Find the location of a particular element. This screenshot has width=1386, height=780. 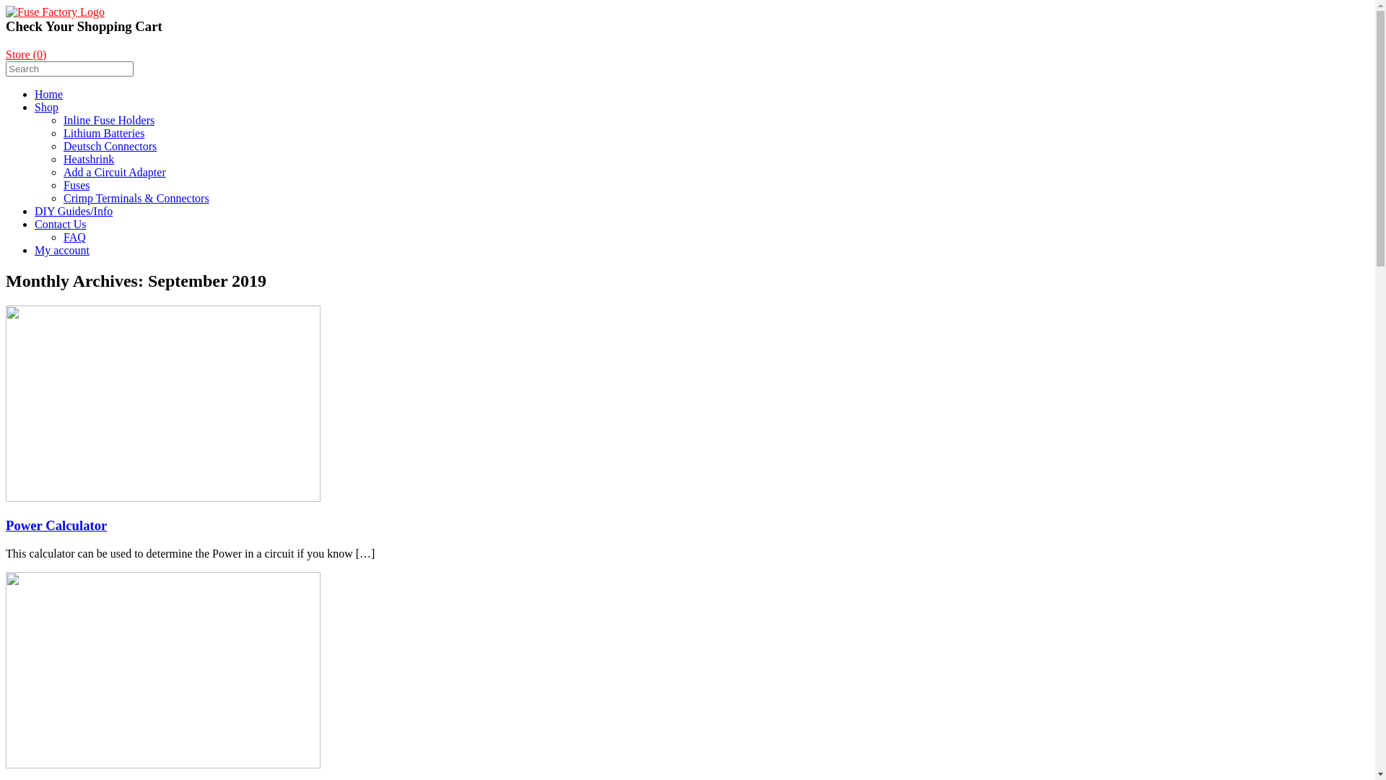

'Contact Us' is located at coordinates (59, 224).